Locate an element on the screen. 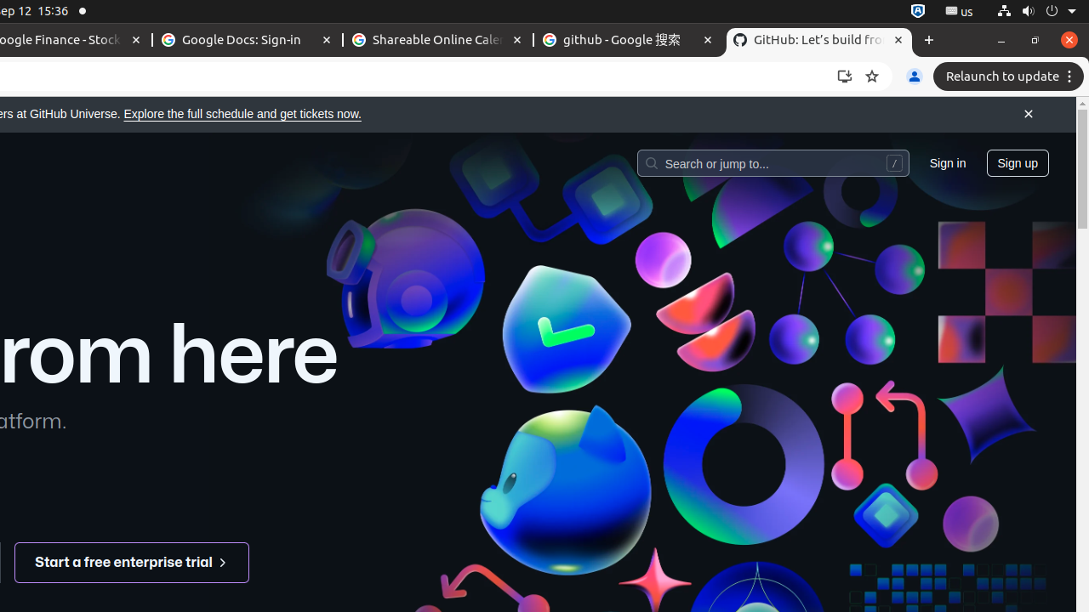  'Close' is located at coordinates (1027, 115).